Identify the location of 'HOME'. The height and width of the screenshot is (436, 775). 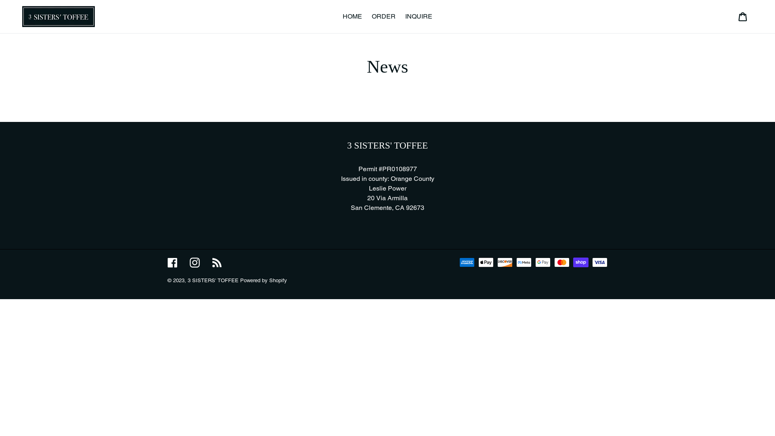
(352, 17).